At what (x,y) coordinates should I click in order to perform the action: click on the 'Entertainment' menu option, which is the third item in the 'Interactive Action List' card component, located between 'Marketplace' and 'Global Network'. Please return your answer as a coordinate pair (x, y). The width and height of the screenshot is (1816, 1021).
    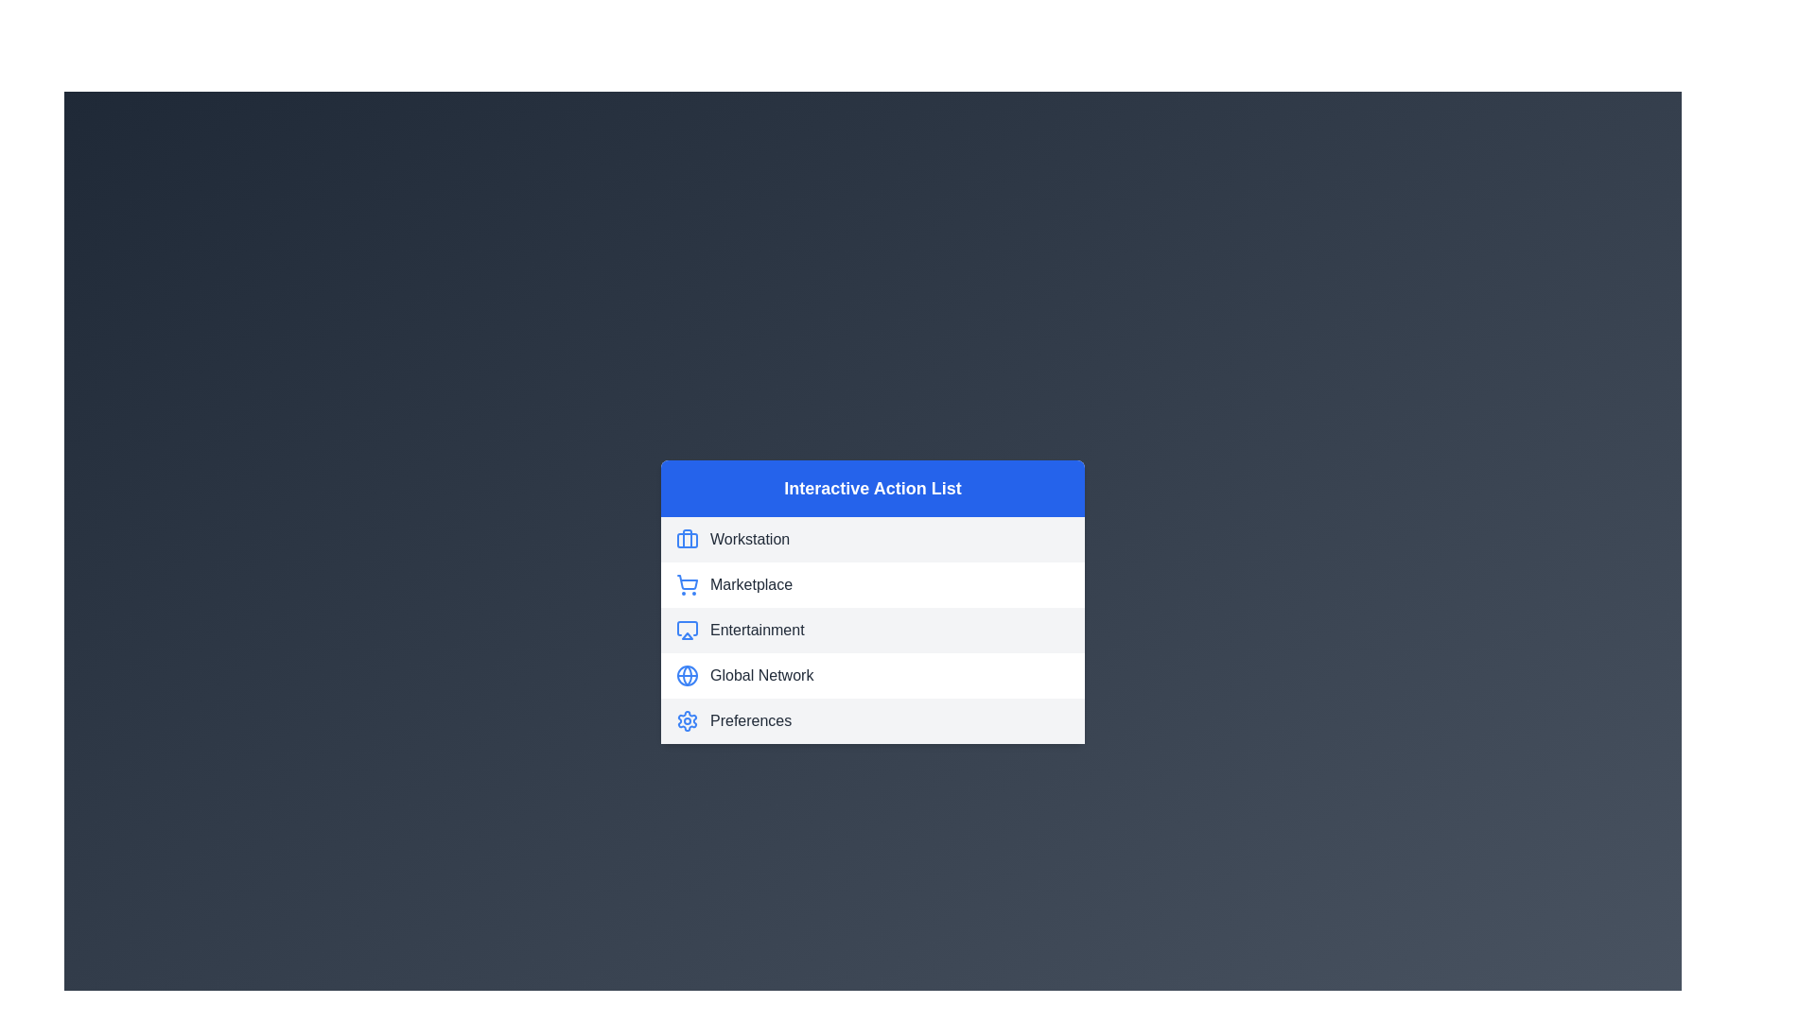
    Looking at the image, I should click on (871, 631).